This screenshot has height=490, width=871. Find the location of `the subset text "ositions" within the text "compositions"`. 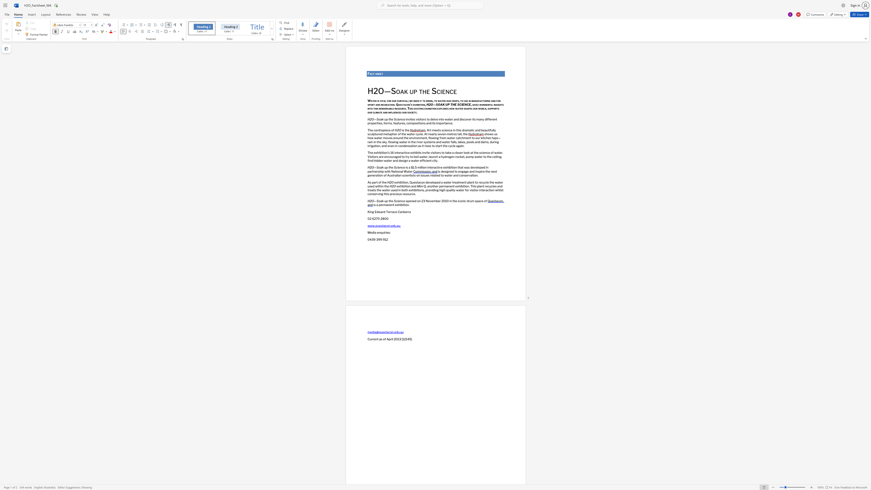

the subset text "ositions" within the text "compositions" is located at coordinates (415, 123).